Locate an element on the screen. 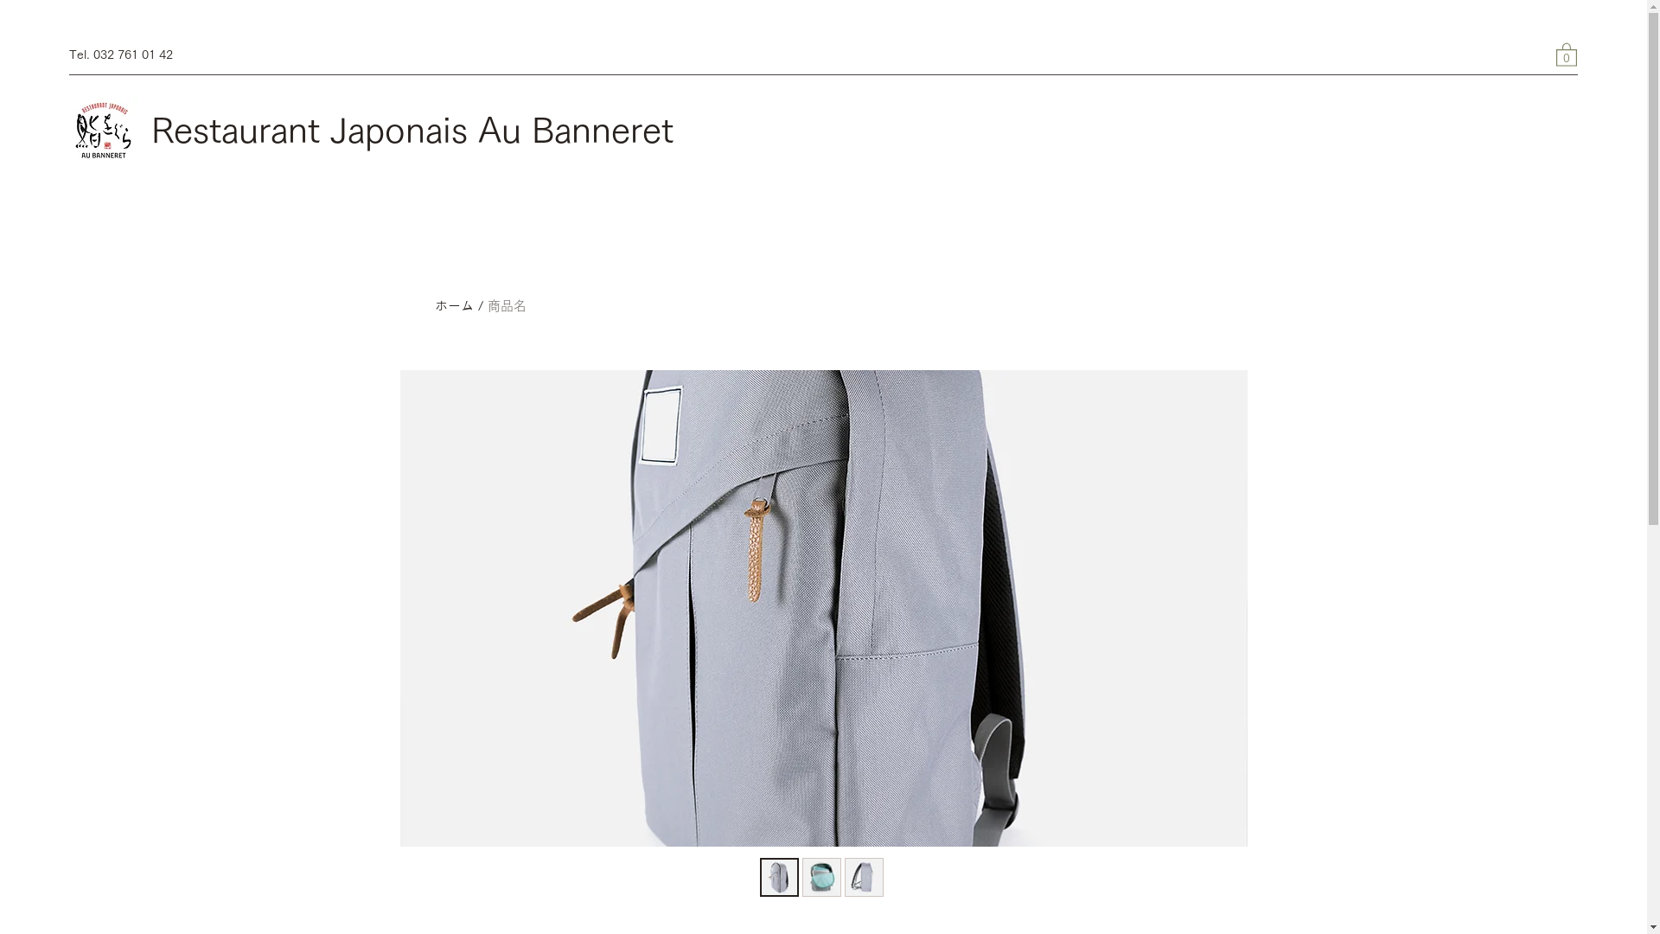 This screenshot has width=1660, height=934. 'Restaurant Japonais Au Banneret' is located at coordinates (411, 129).